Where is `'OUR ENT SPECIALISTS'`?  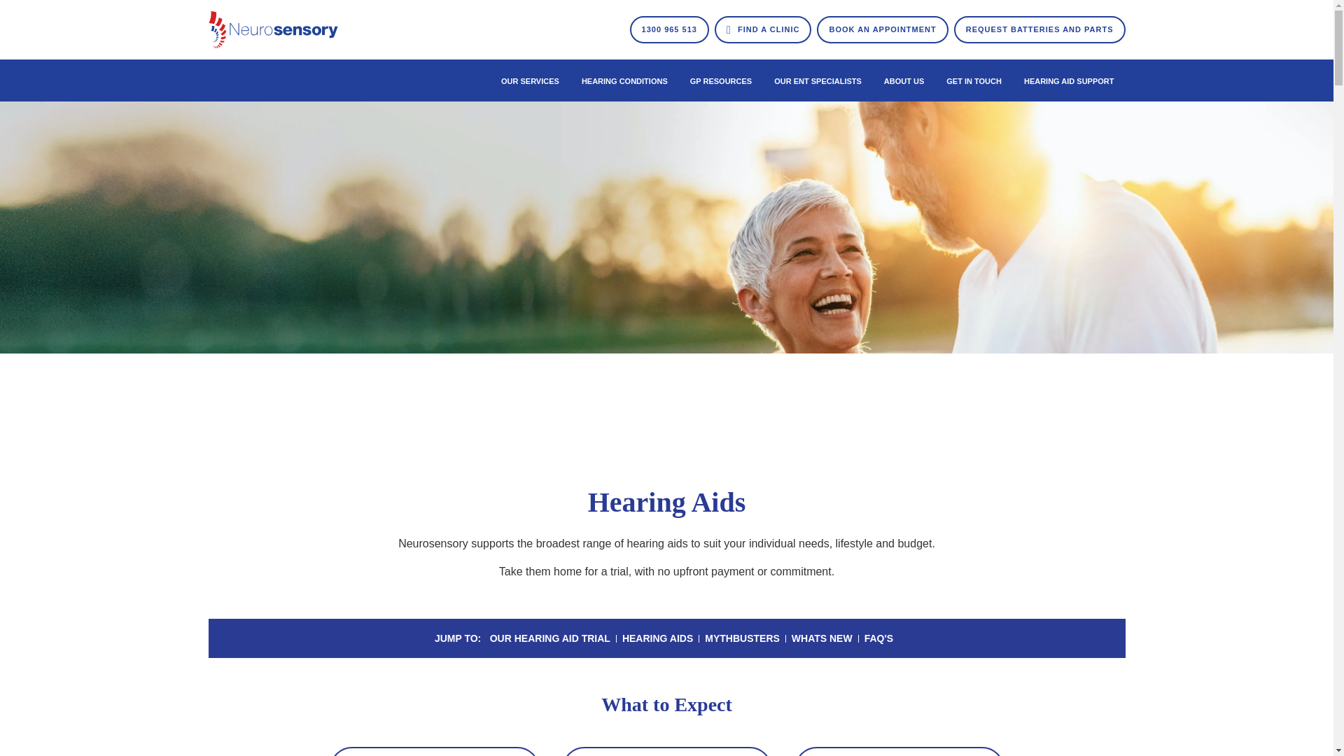 'OUR ENT SPECIALISTS' is located at coordinates (818, 80).